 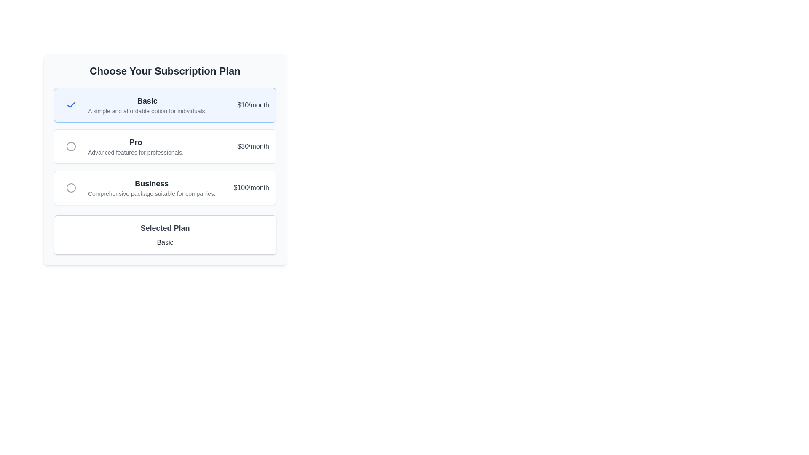 What do you see at coordinates (152, 193) in the screenshot?
I see `the text label that provides additional details about the 'Business' subscription plan, positioned below the title 'Business' and above its pricing detail` at bounding box center [152, 193].